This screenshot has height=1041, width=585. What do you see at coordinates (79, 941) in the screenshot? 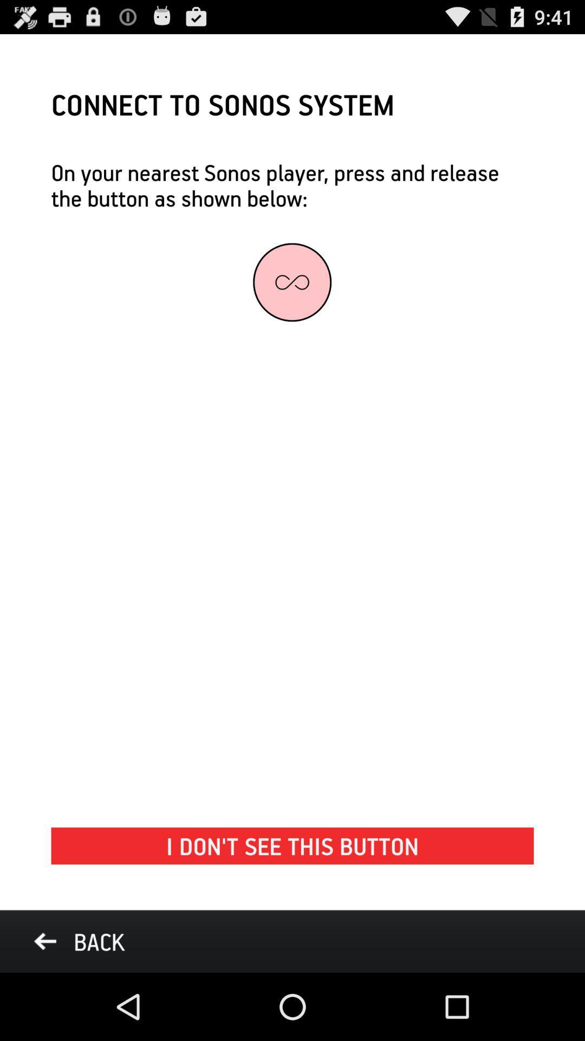
I see `back icon` at bounding box center [79, 941].